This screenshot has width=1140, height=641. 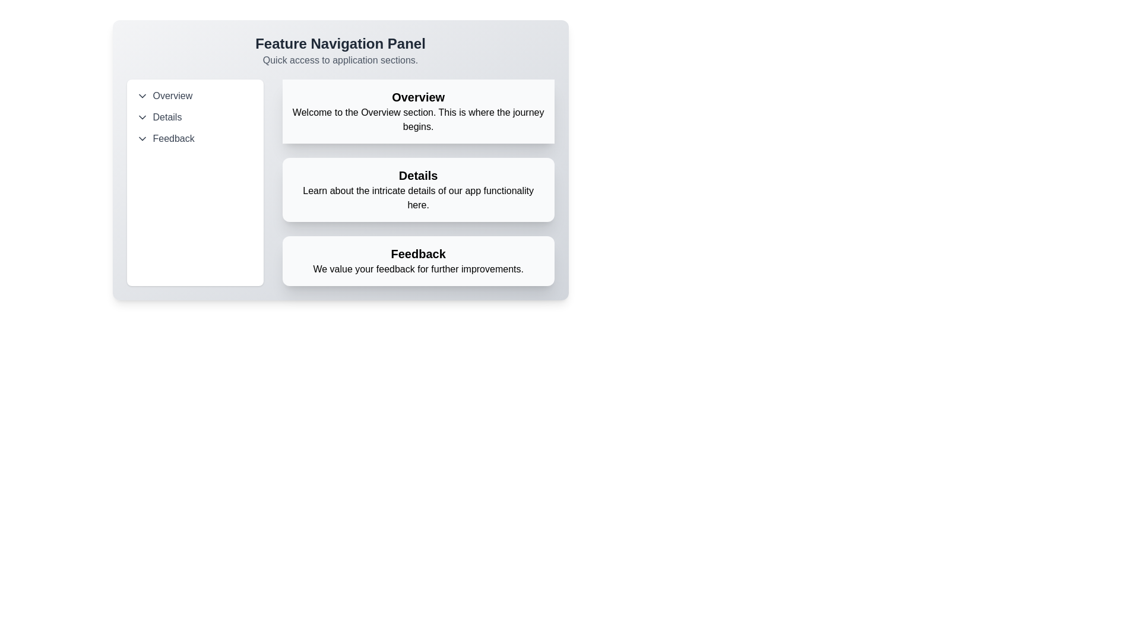 What do you see at coordinates (340, 160) in the screenshot?
I see `the navigation panel` at bounding box center [340, 160].